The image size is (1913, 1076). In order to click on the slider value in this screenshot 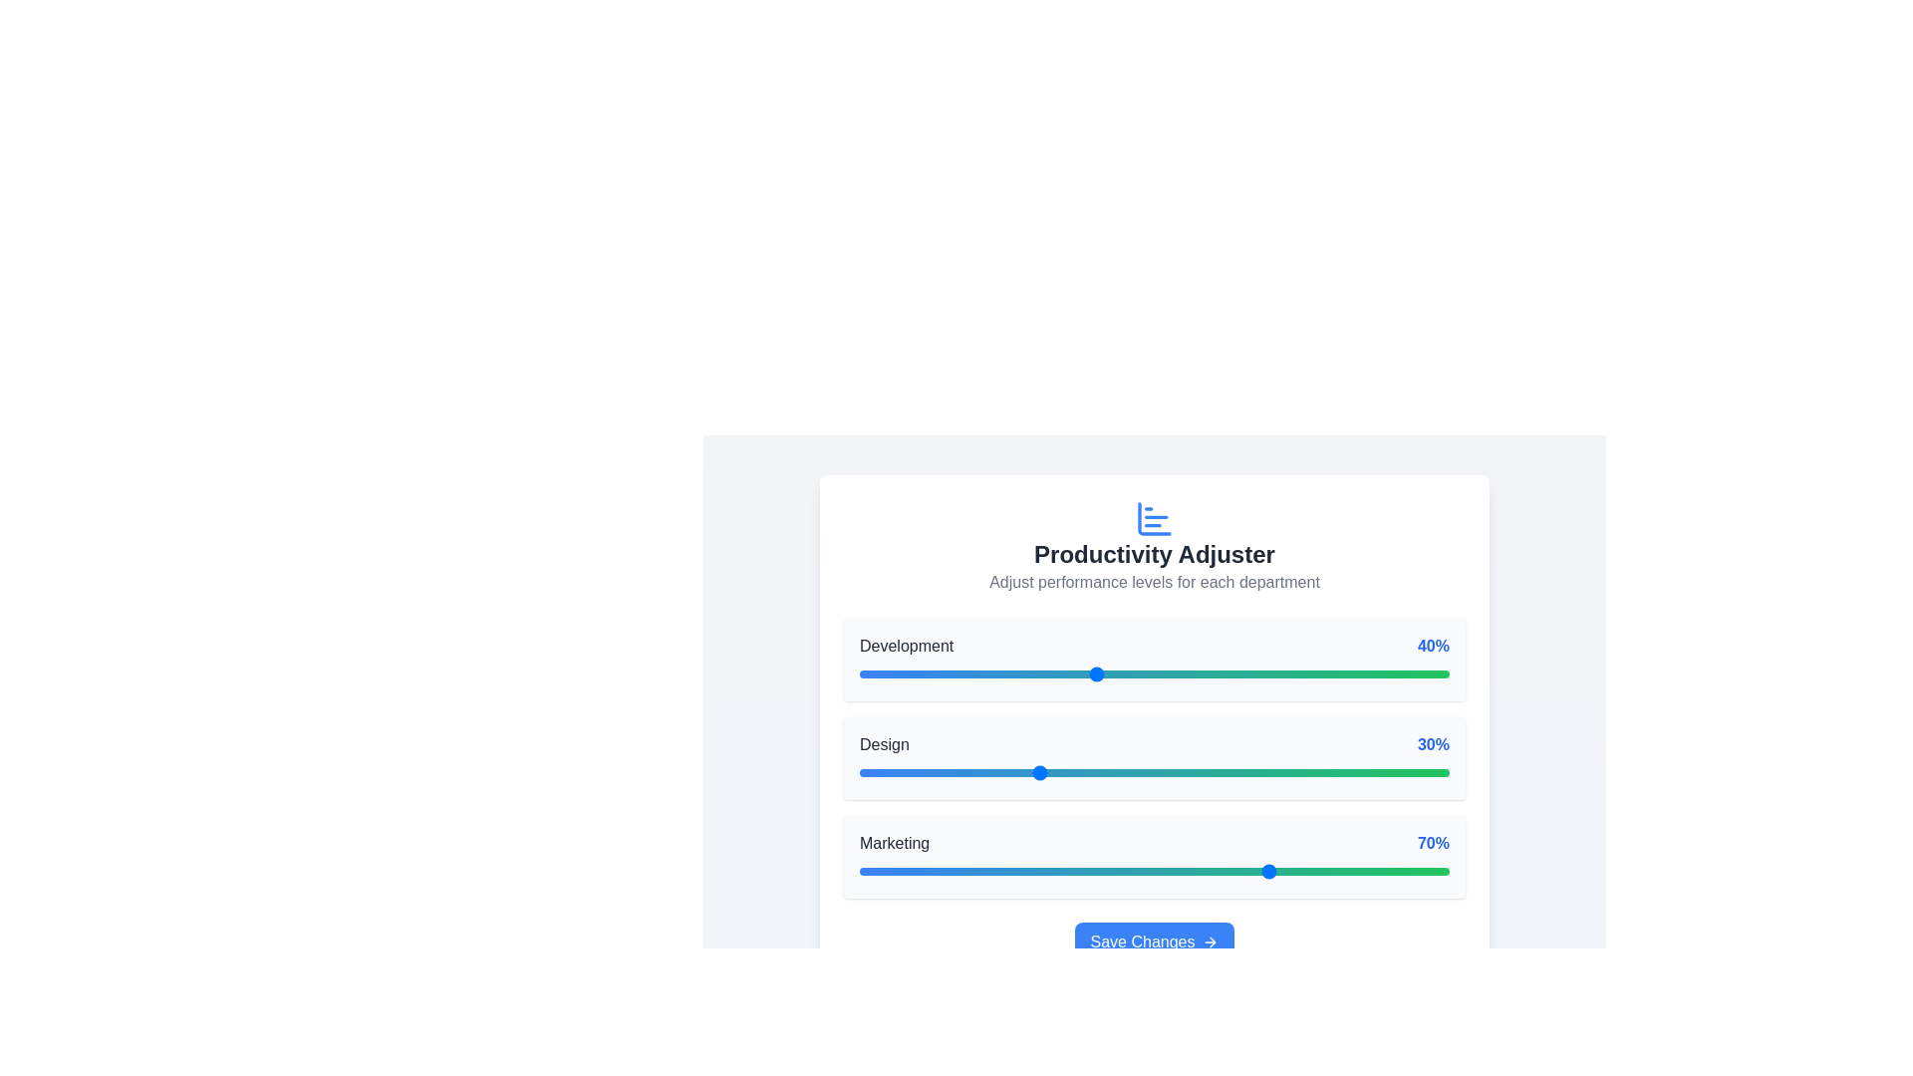, I will do `click(977, 673)`.